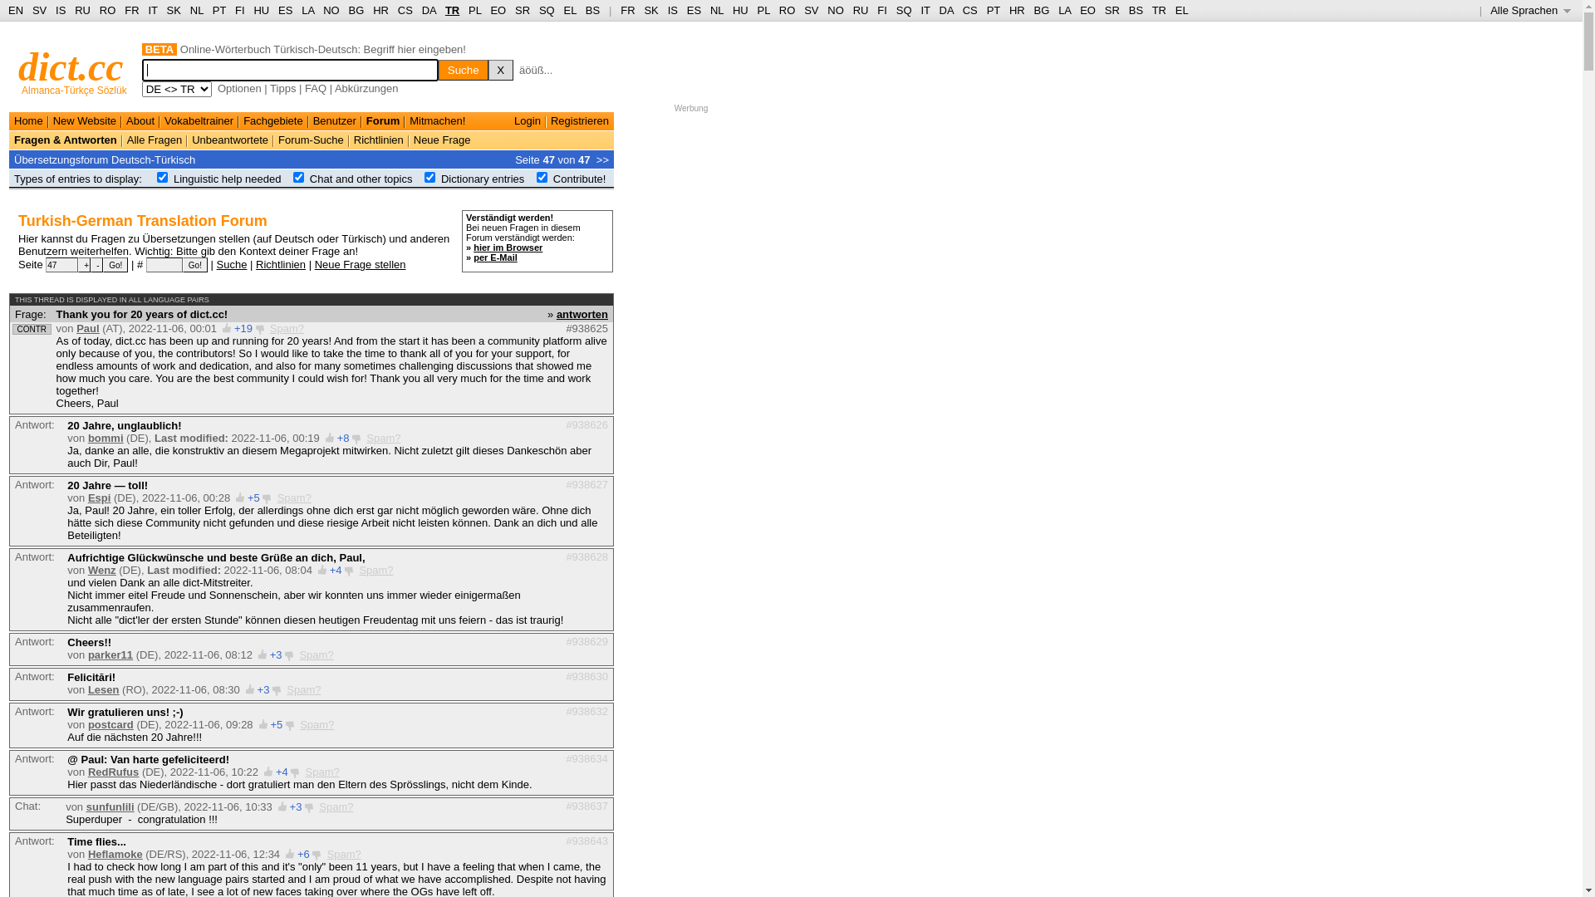 Image resolution: width=1595 pixels, height=897 pixels. I want to click on '+3', so click(263, 689).